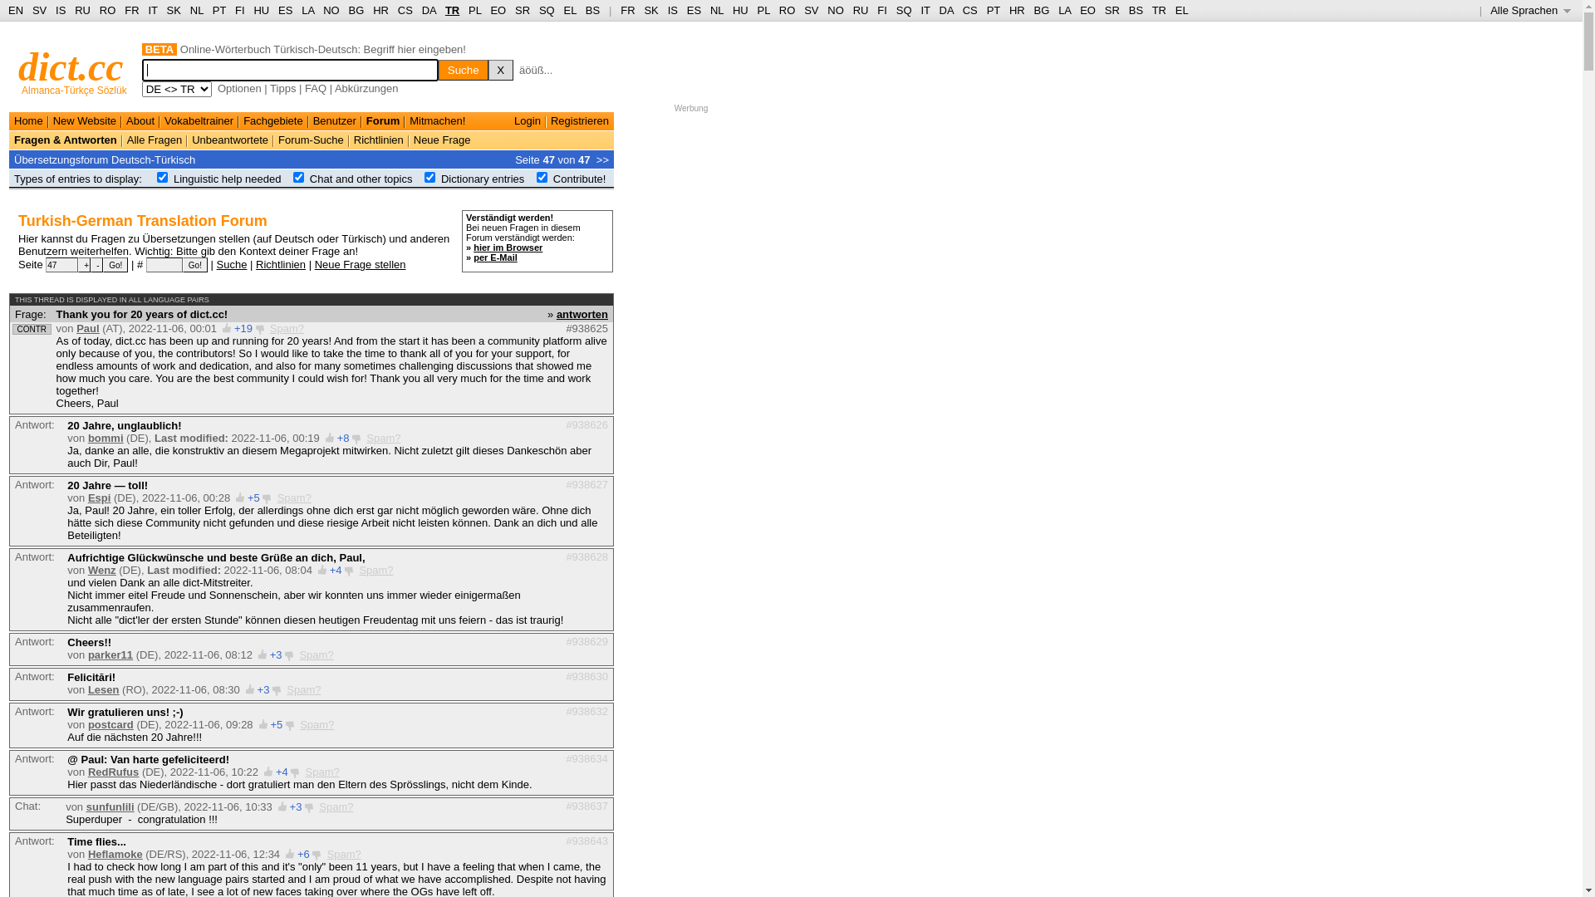 Image resolution: width=1595 pixels, height=897 pixels. I want to click on '+3', so click(263, 689).